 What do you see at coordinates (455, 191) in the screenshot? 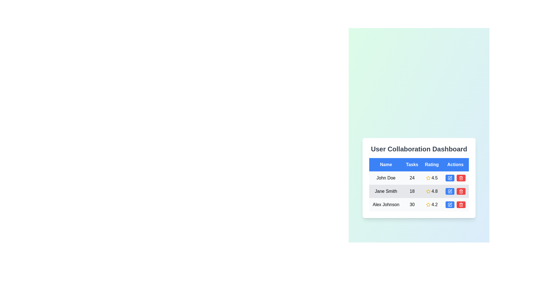
I see `the button group in the 'Actions' column of the second row for 'Jane Smith' in the 'User Collaboration Dashboard' to observe hover effects` at bounding box center [455, 191].